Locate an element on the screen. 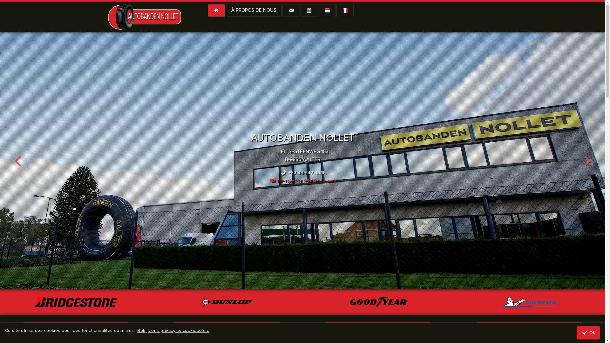 This screenshot has width=610, height=343. 'volgende slide' is located at coordinates (587, 160).